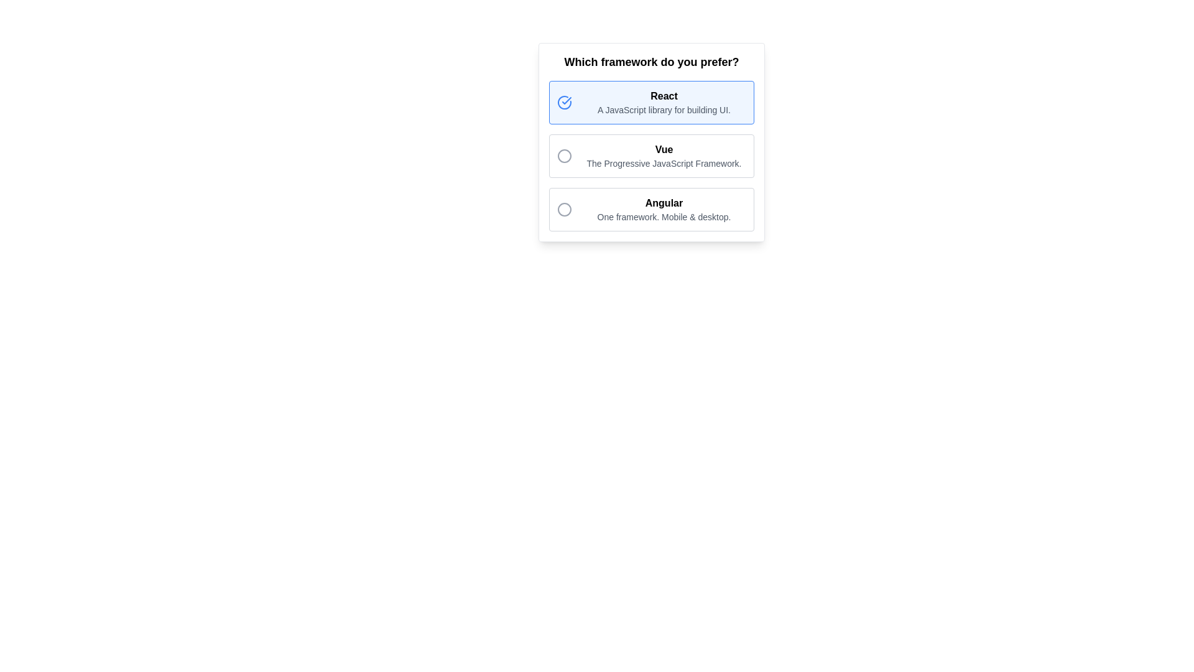  What do you see at coordinates (563, 155) in the screenshot?
I see `the circular outlined icon within the Vue button, which indicates a selection visually` at bounding box center [563, 155].